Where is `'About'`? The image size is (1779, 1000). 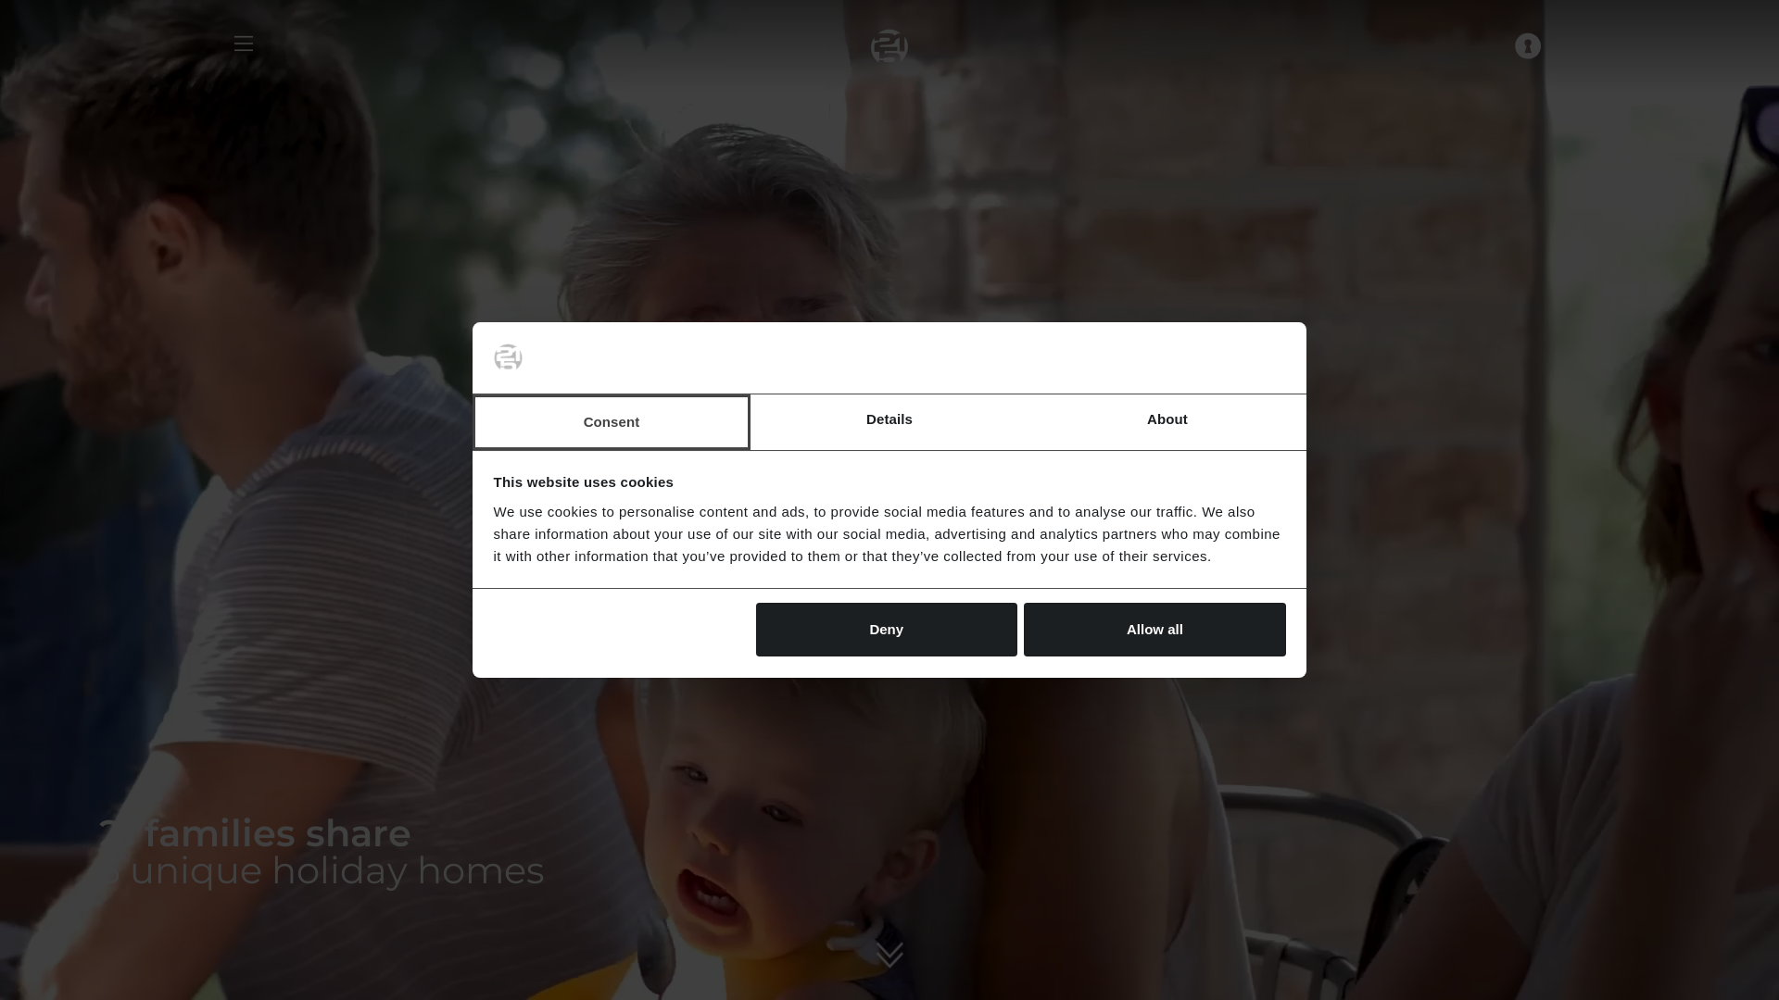
'About' is located at coordinates (1166, 421).